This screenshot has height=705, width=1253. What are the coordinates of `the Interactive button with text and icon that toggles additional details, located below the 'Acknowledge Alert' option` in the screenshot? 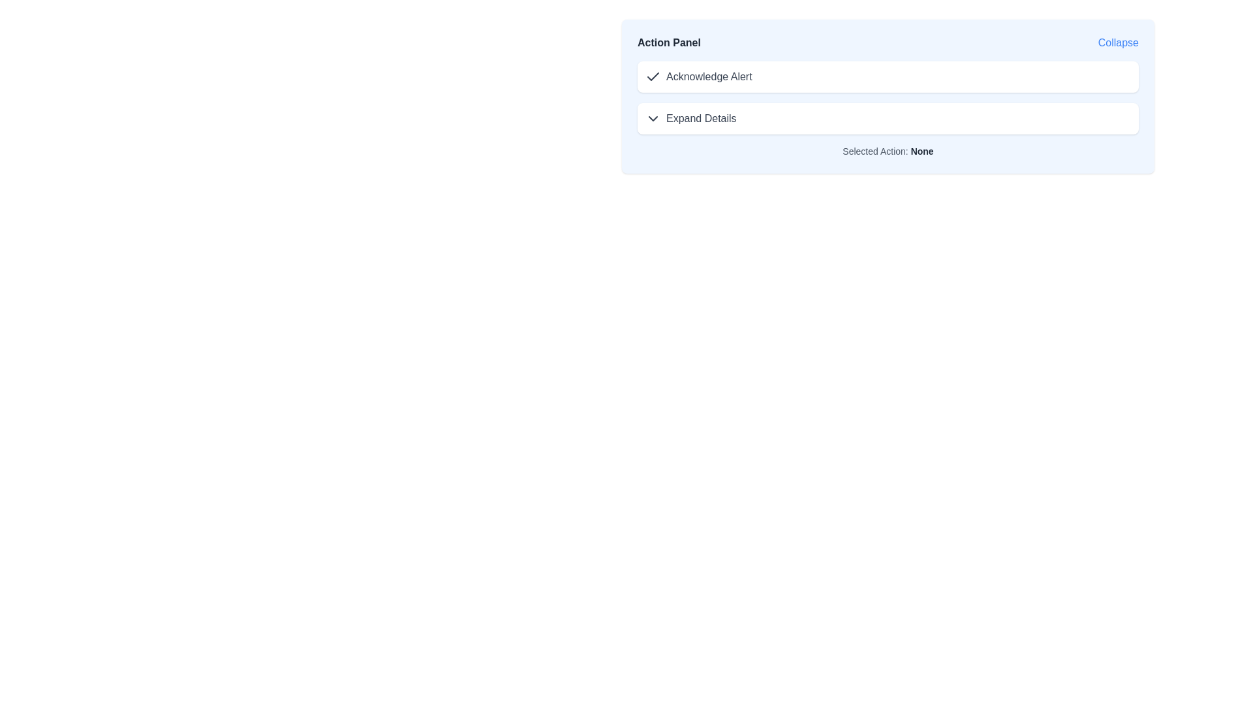 It's located at (690, 118).